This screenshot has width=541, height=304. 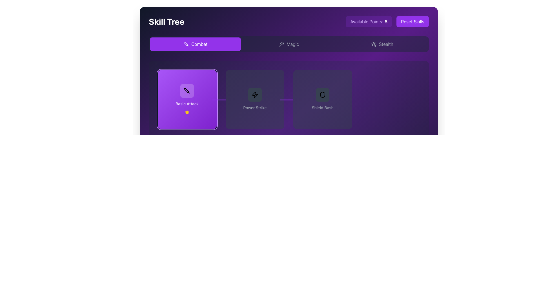 What do you see at coordinates (254, 95) in the screenshot?
I see `the lightning bolt icon that represents the 'Power Strike' skill` at bounding box center [254, 95].